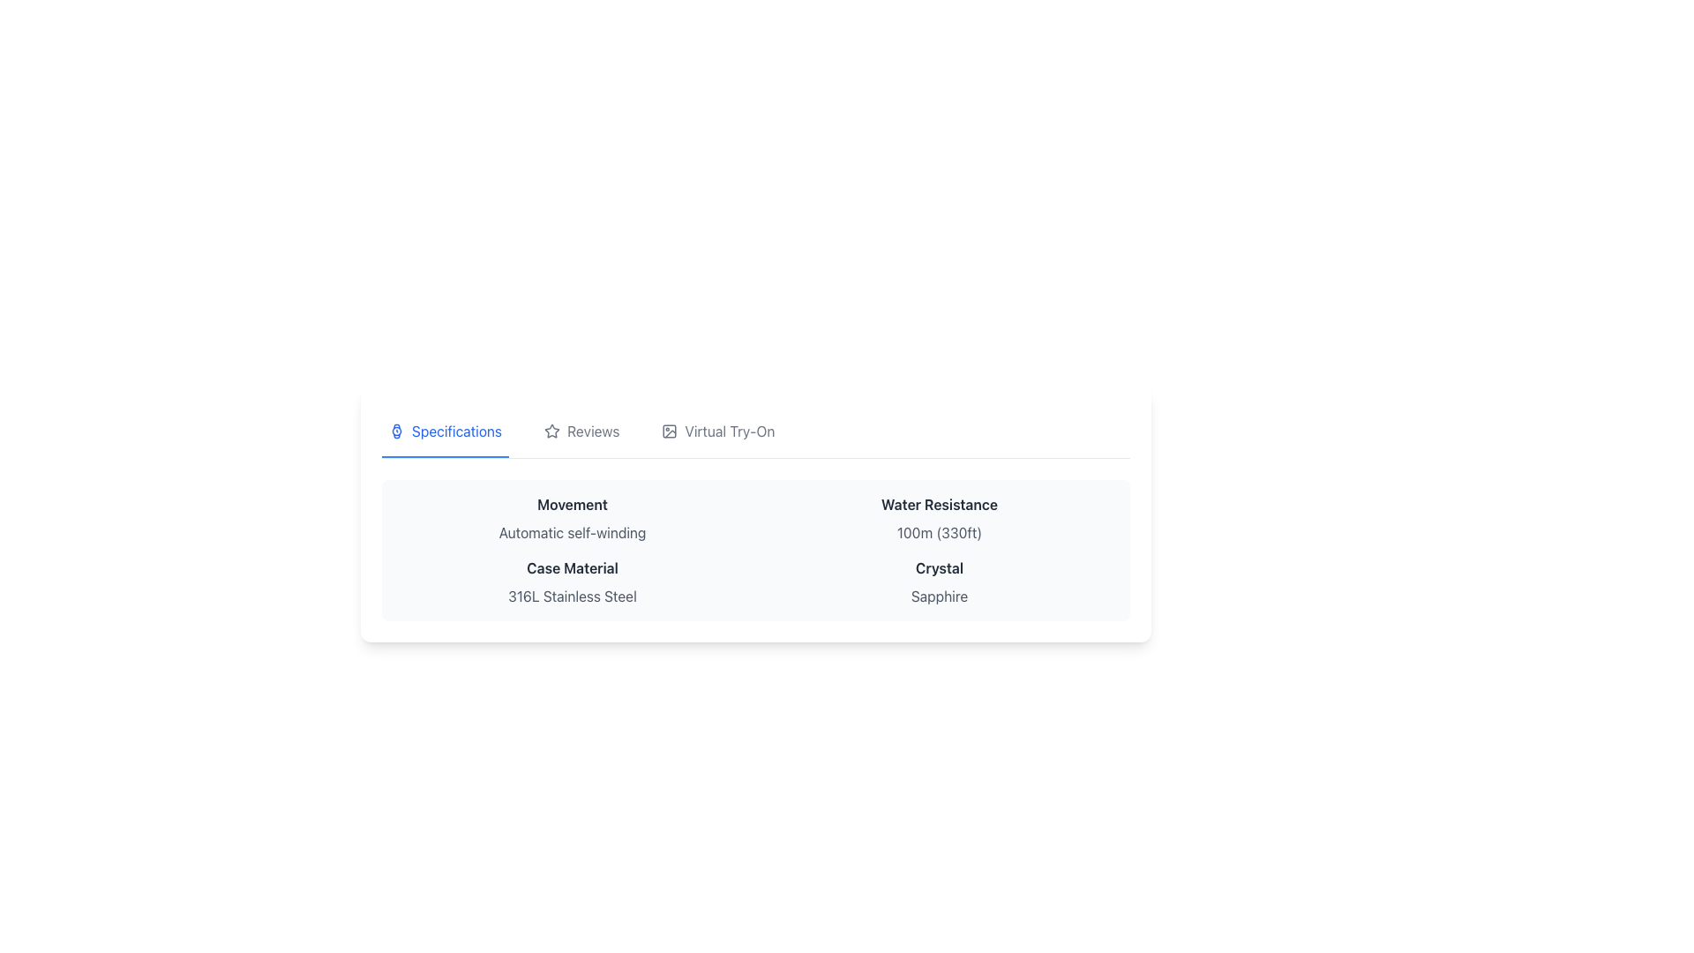 This screenshot has height=953, width=1694. What do you see at coordinates (457, 431) in the screenshot?
I see `the 'Specifications' label in the navigation bar` at bounding box center [457, 431].